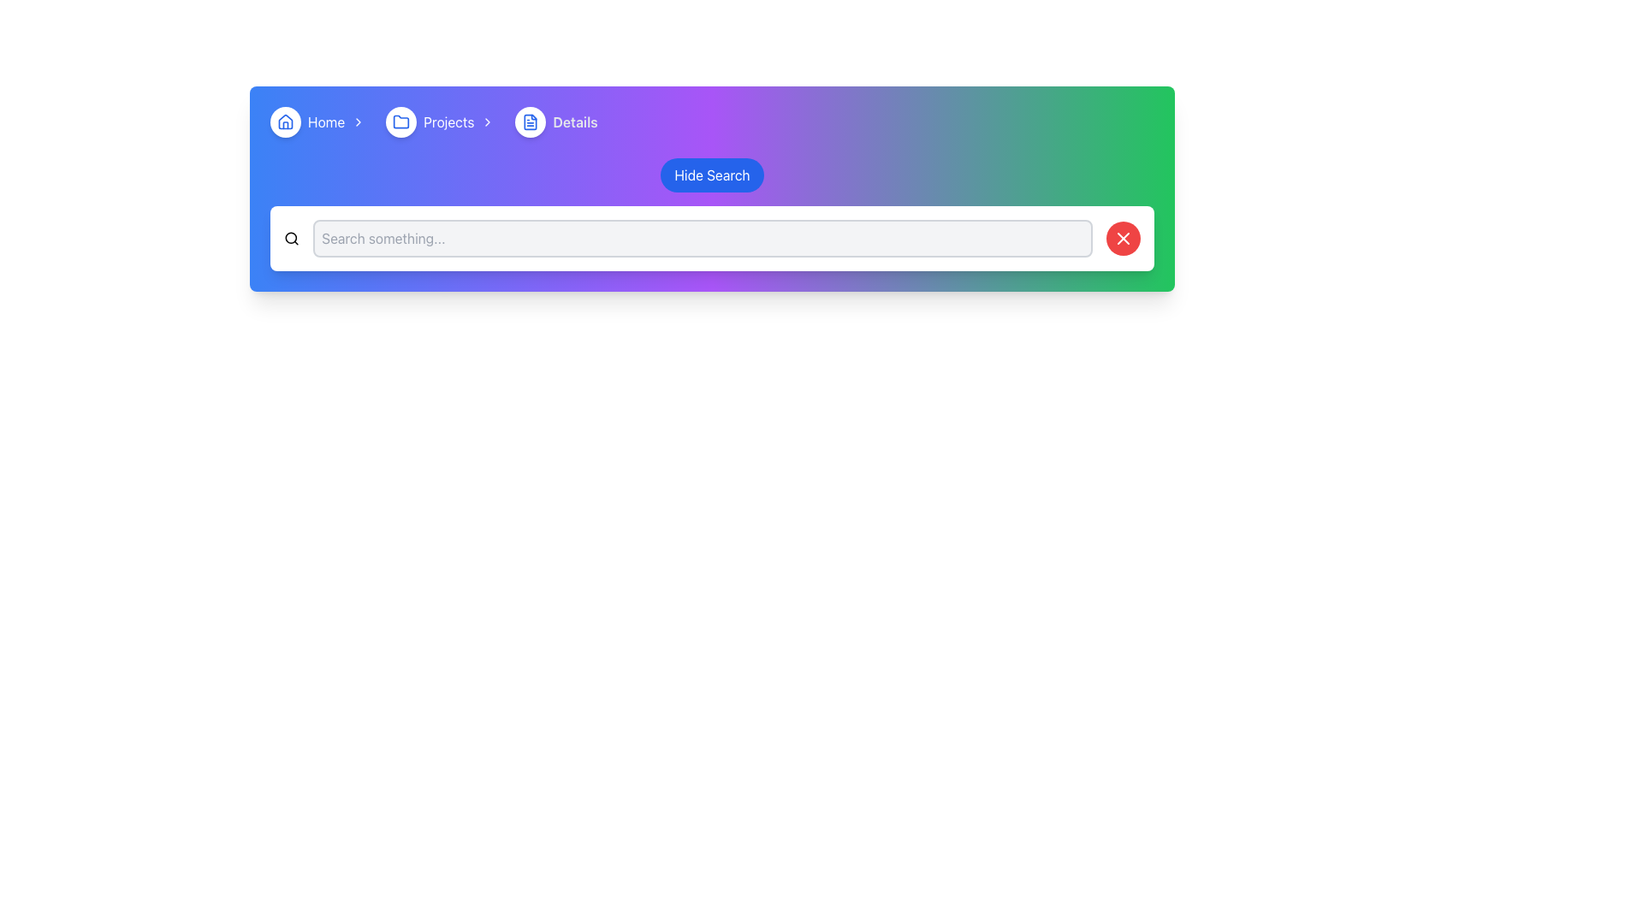 The image size is (1643, 924). Describe the element at coordinates (1124, 238) in the screenshot. I see `the circular red button with a white 'X' symbol` at that location.